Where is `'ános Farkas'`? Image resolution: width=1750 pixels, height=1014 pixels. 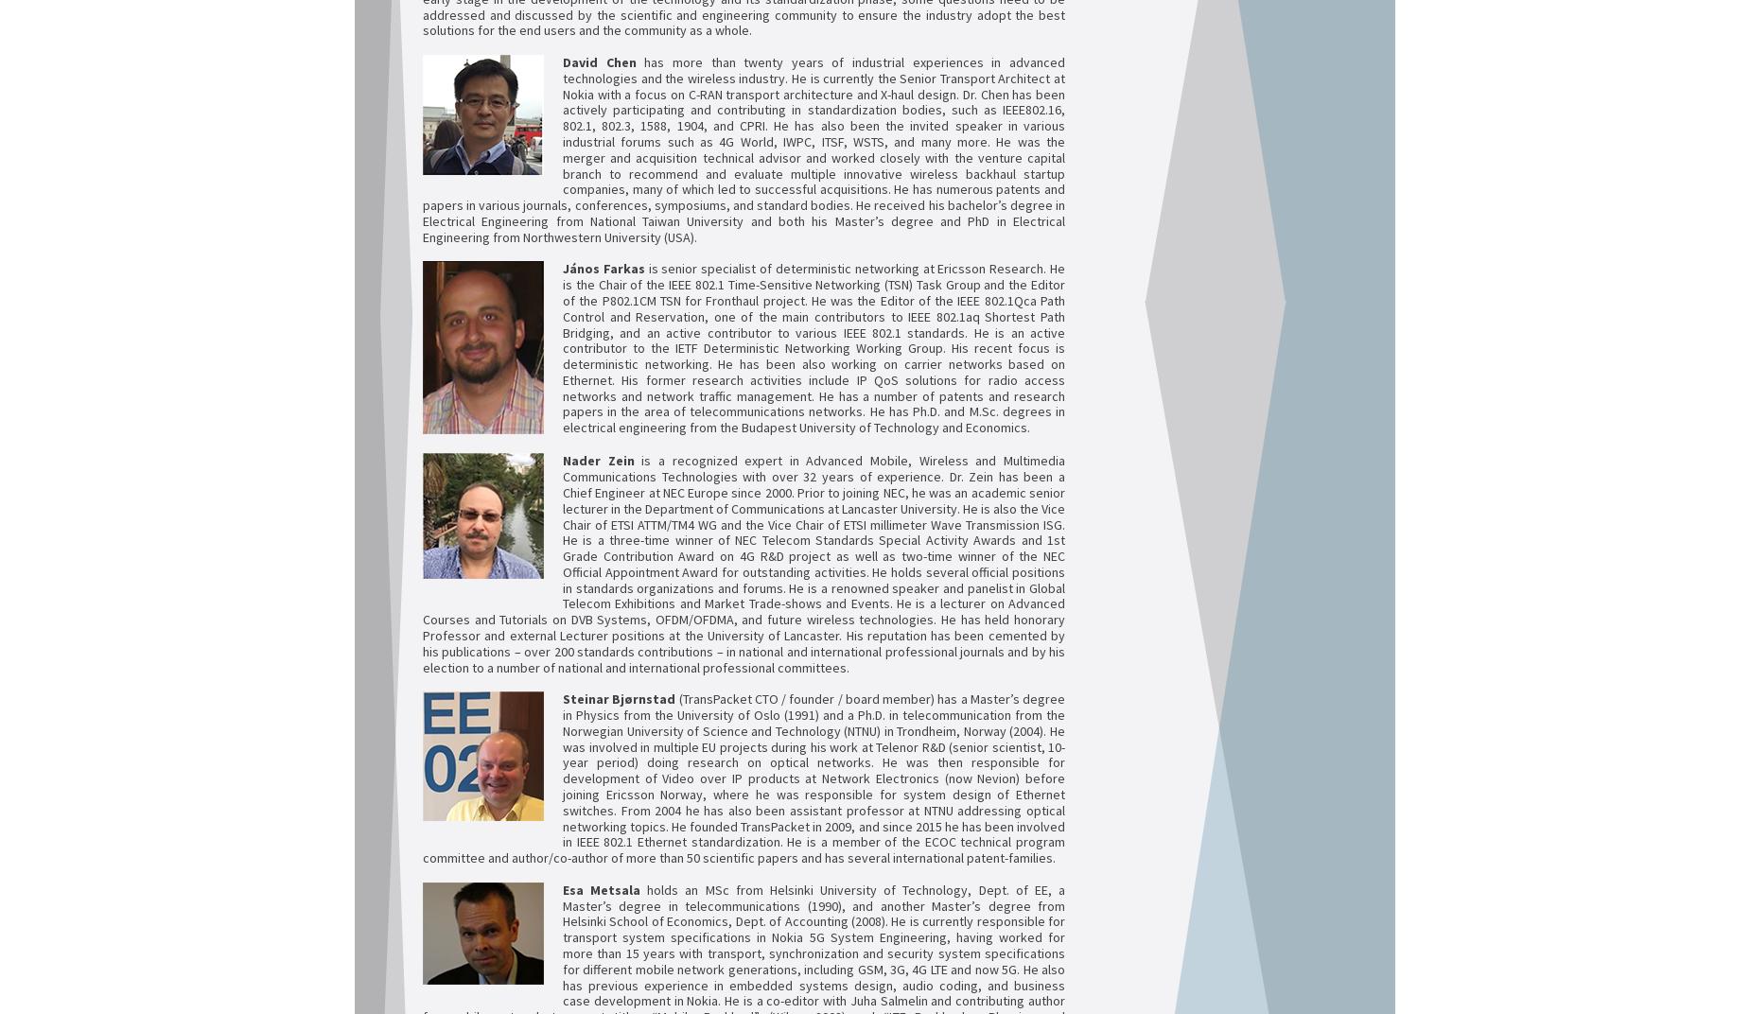
'ános Farkas' is located at coordinates (569, 267).